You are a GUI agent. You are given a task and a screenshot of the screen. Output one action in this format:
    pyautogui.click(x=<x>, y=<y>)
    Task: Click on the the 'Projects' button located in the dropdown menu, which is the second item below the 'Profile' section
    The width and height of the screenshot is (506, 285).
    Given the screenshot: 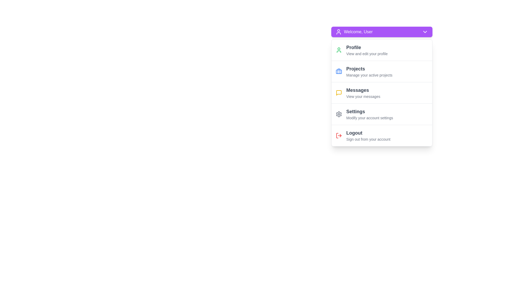 What is the action you would take?
    pyautogui.click(x=382, y=71)
    